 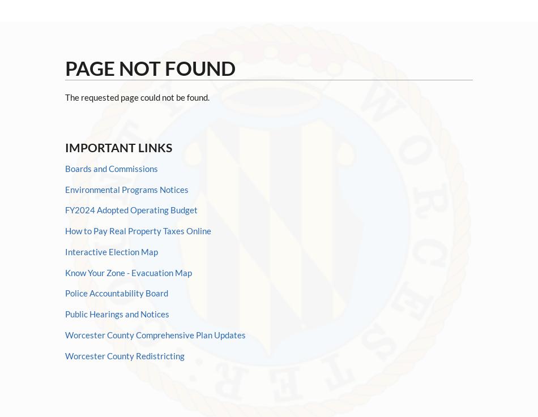 I want to click on 'Worcester County Comprehensive Plan Updates', so click(x=155, y=334).